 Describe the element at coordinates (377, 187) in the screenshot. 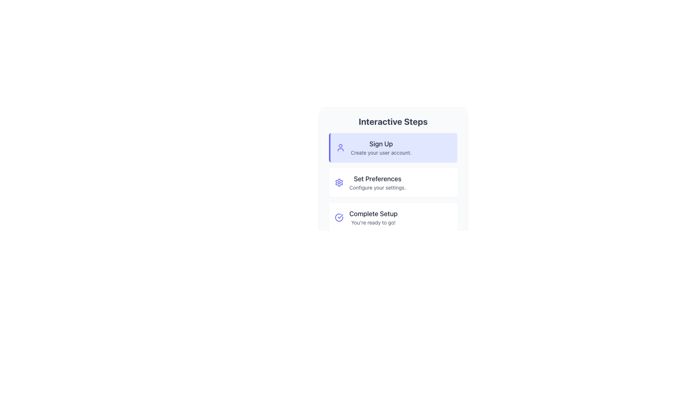

I see `the static text element reading 'Configure your settings.' which is positioned beneath the bold heading 'Set Preferences.'` at that location.